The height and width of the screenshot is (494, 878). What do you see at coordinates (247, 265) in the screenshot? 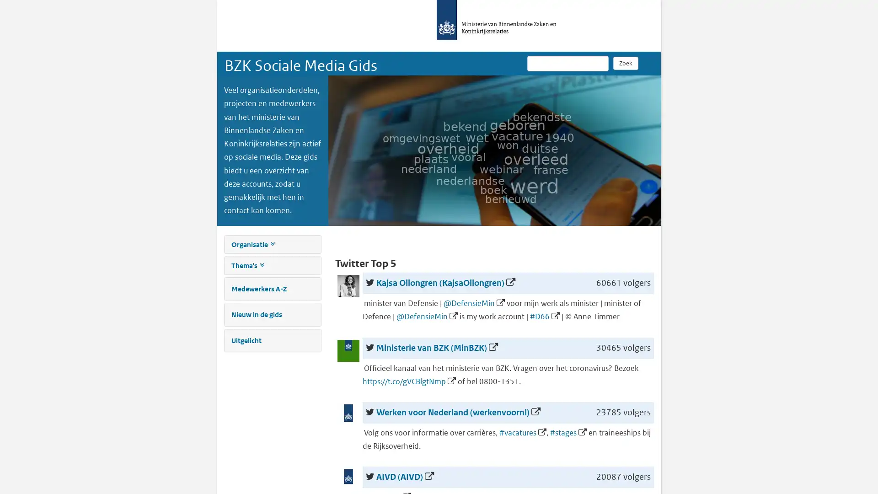
I see `Thema's` at bounding box center [247, 265].